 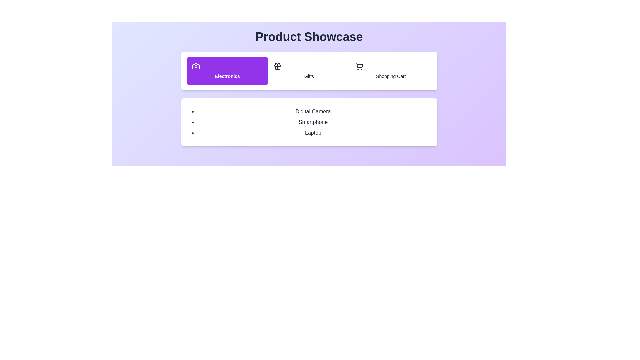 I want to click on the 'Shopping Cart' button, which is the third button in a group of three horizontally aligned buttons, so click(x=390, y=71).